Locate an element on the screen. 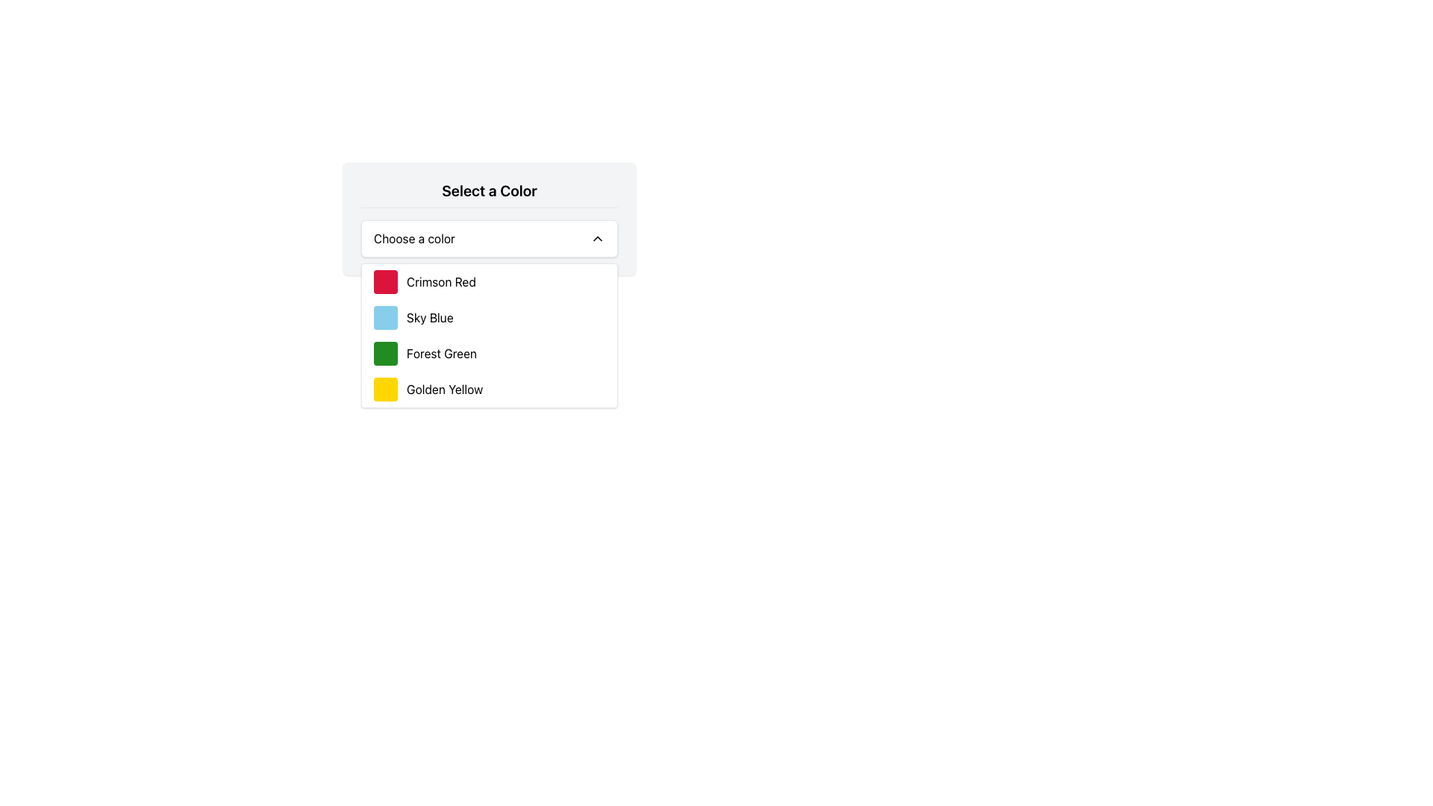 The image size is (1433, 806). to select the 'Golden Yellow' option from the dropdown menu, which is the fourth entry in the list below 'Forest Green' is located at coordinates (490, 388).